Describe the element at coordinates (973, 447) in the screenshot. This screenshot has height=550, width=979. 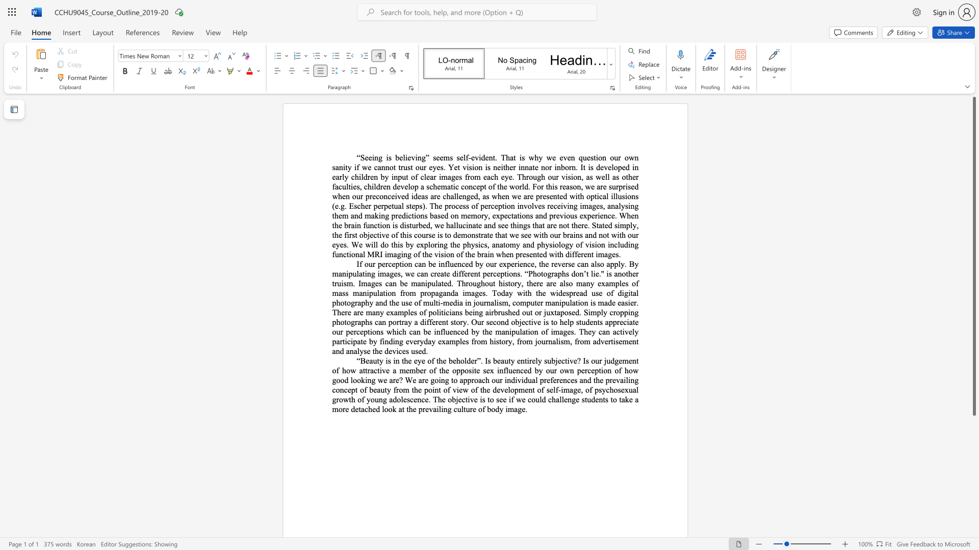
I see `the scrollbar on the right to move the page downward` at that location.